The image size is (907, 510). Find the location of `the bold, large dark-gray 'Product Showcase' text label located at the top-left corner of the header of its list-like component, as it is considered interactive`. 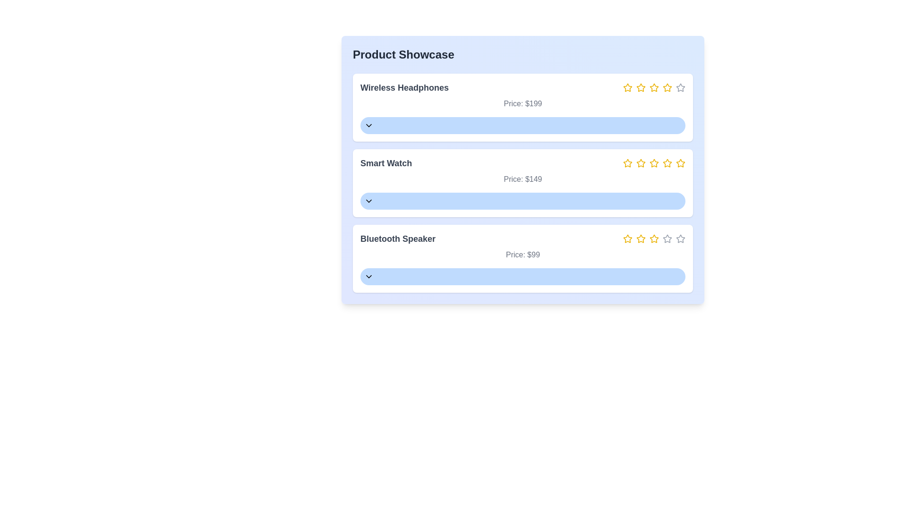

the bold, large dark-gray 'Product Showcase' text label located at the top-left corner of the header of its list-like component, as it is considered interactive is located at coordinates (403, 54).